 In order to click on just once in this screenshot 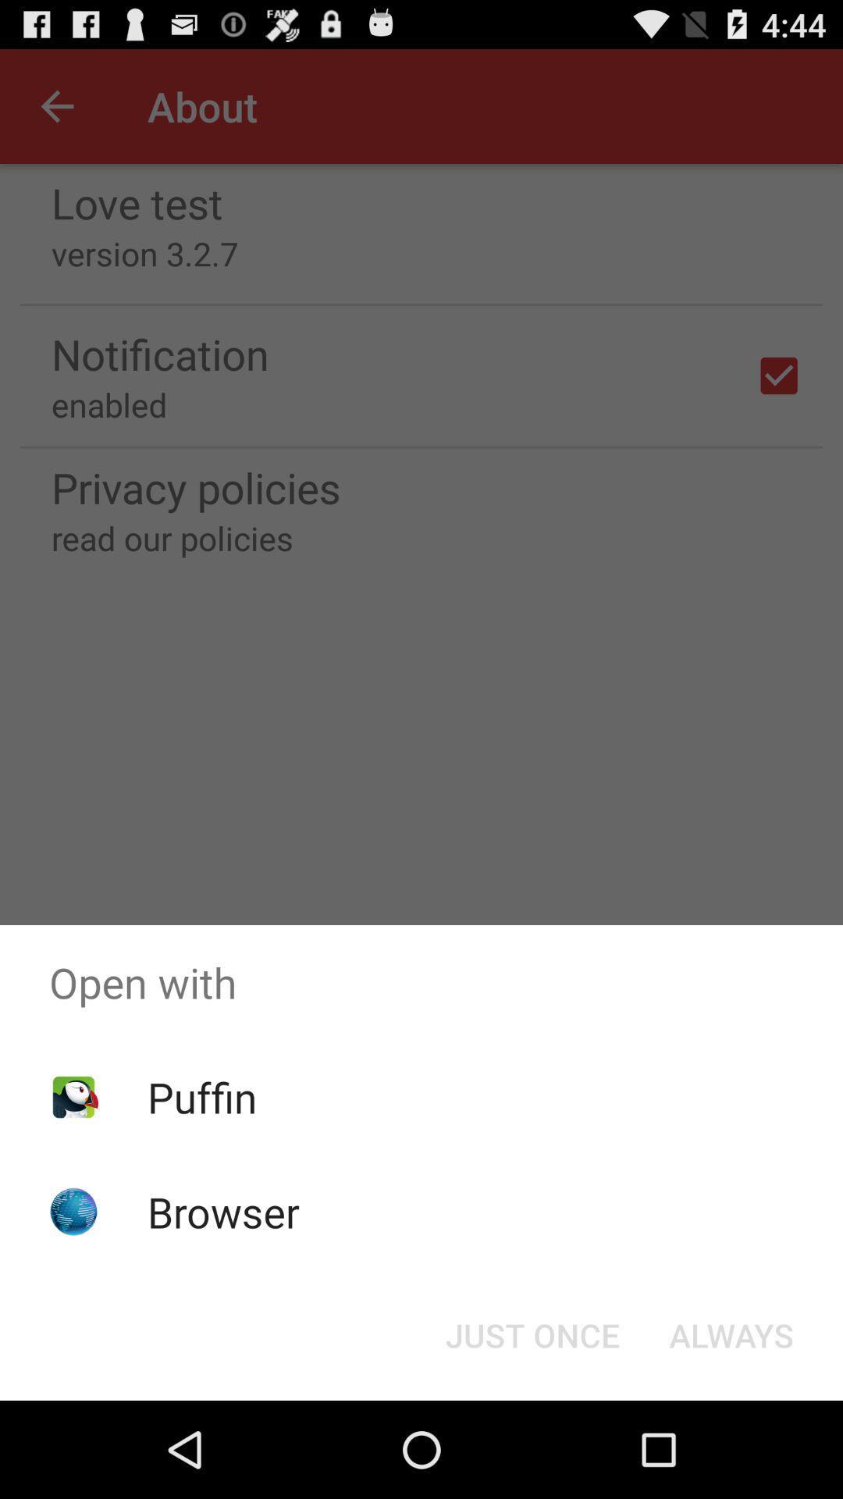, I will do `click(532, 1333)`.